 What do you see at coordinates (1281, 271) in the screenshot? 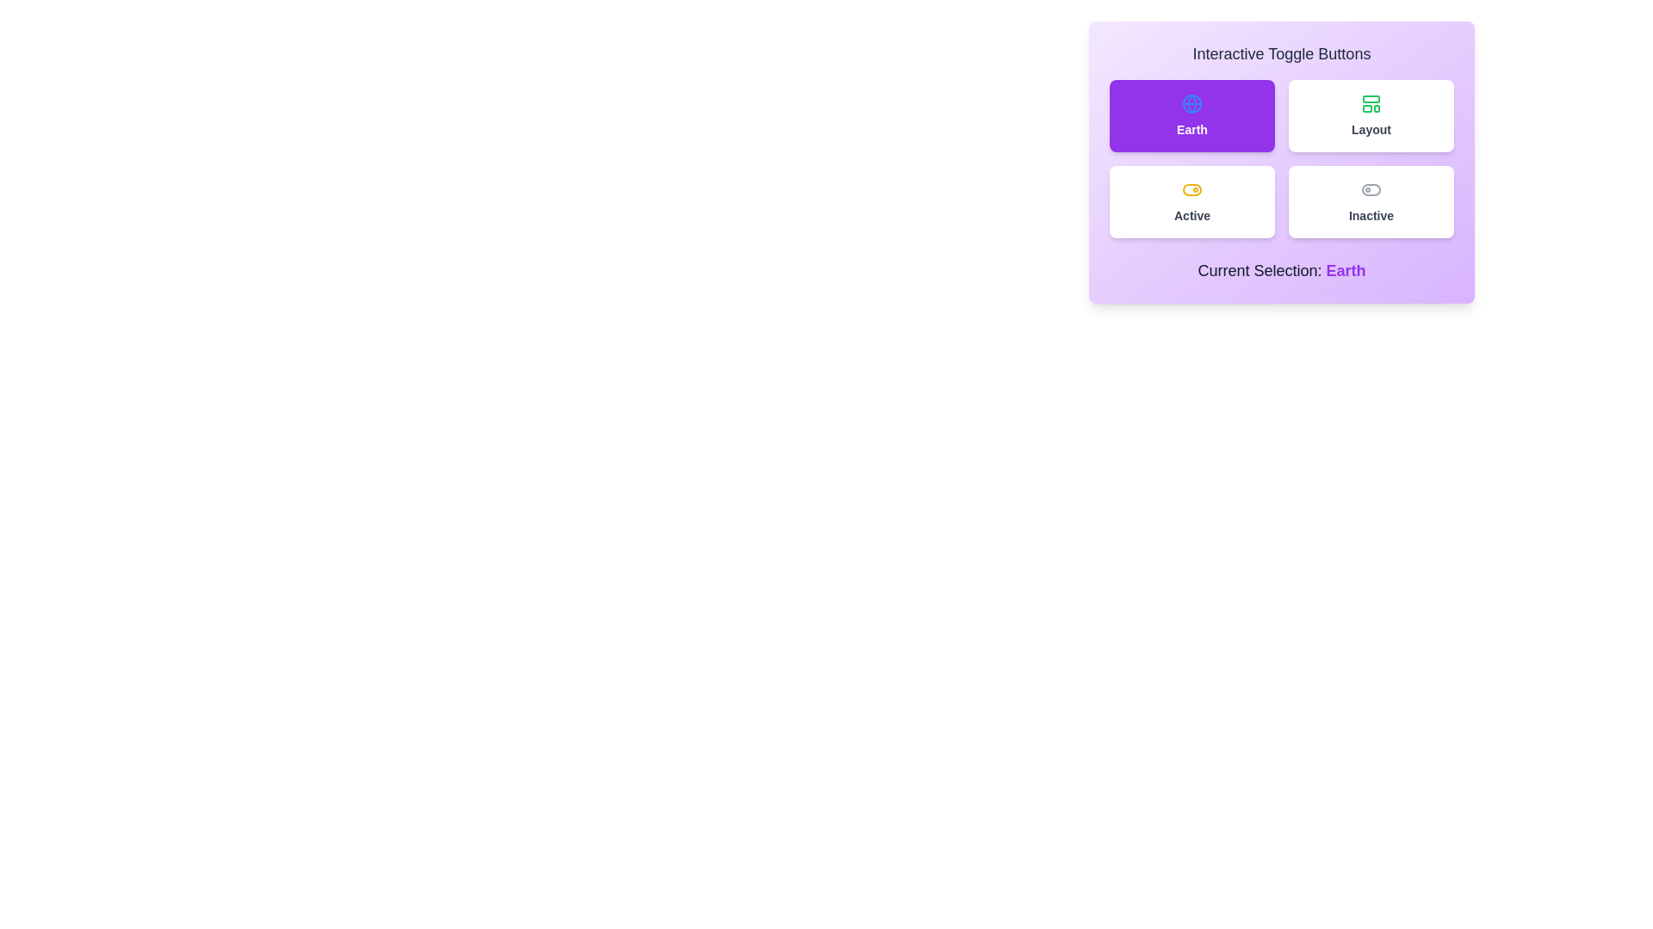
I see `the text content of the element displaying the current selection below the buttons` at bounding box center [1281, 271].